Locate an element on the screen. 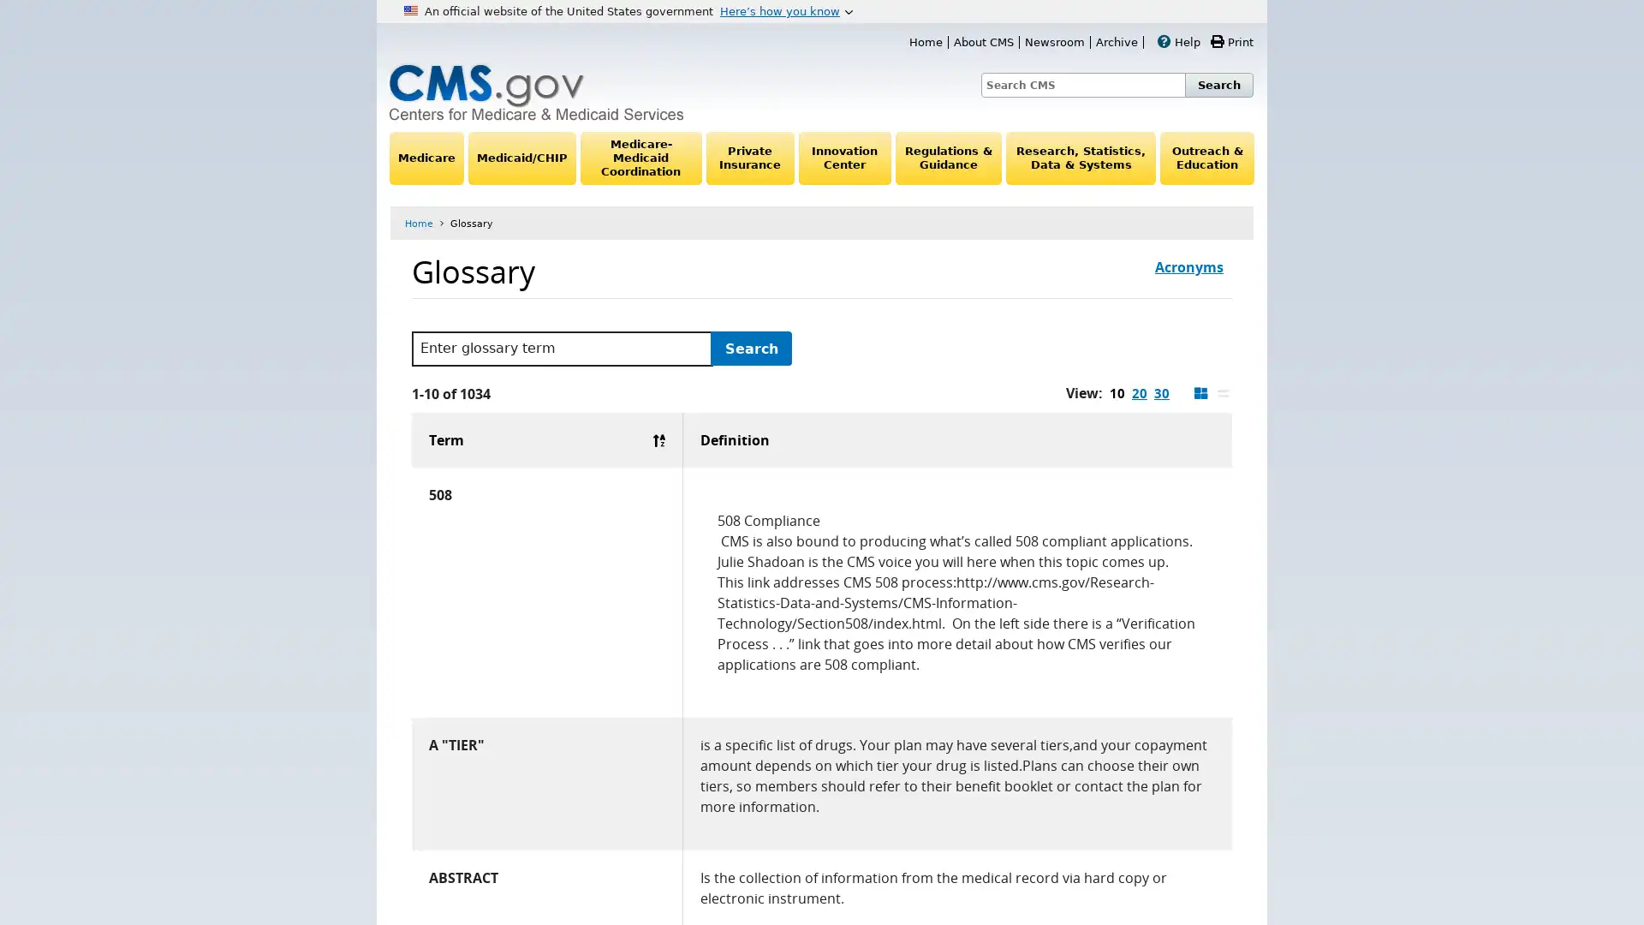 The image size is (1644, 925). Search is located at coordinates (1218, 85).